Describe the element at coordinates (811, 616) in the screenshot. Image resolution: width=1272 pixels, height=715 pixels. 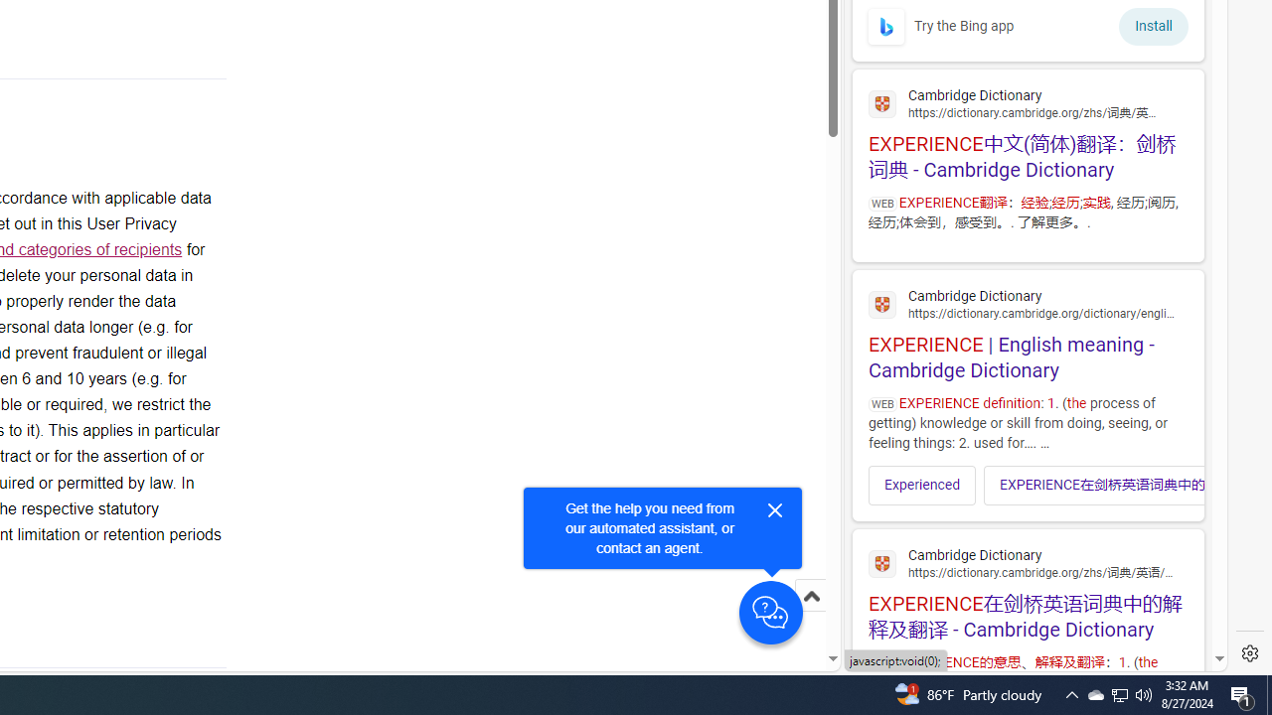
I see `'Scroll to top'` at that location.